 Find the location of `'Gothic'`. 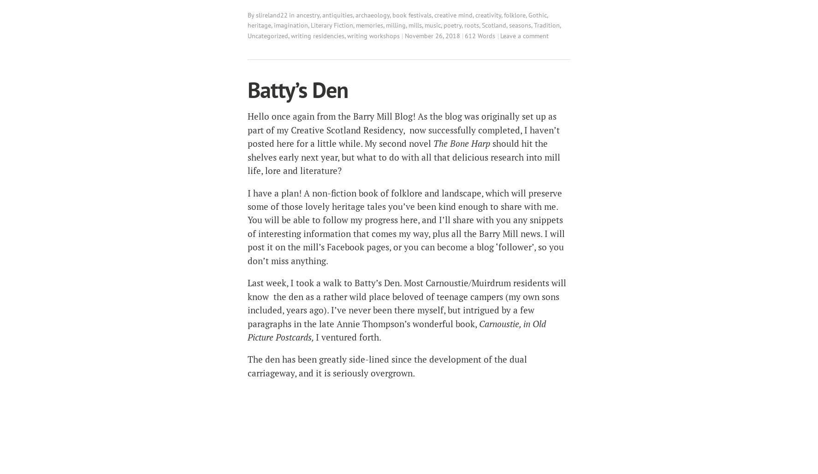

'Gothic' is located at coordinates (538, 15).